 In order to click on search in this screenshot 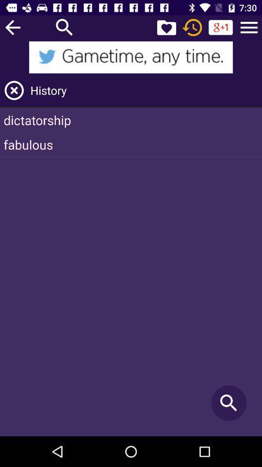, I will do `click(65, 27)`.